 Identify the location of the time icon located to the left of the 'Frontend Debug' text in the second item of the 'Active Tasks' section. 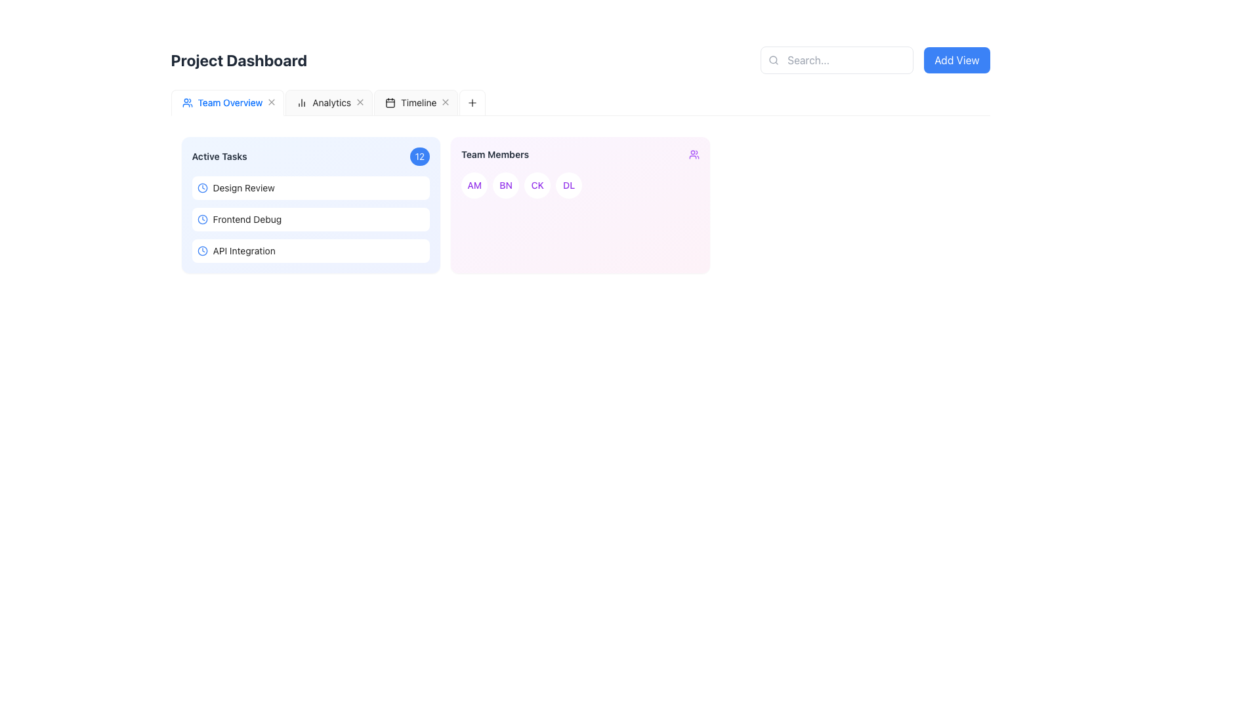
(201, 219).